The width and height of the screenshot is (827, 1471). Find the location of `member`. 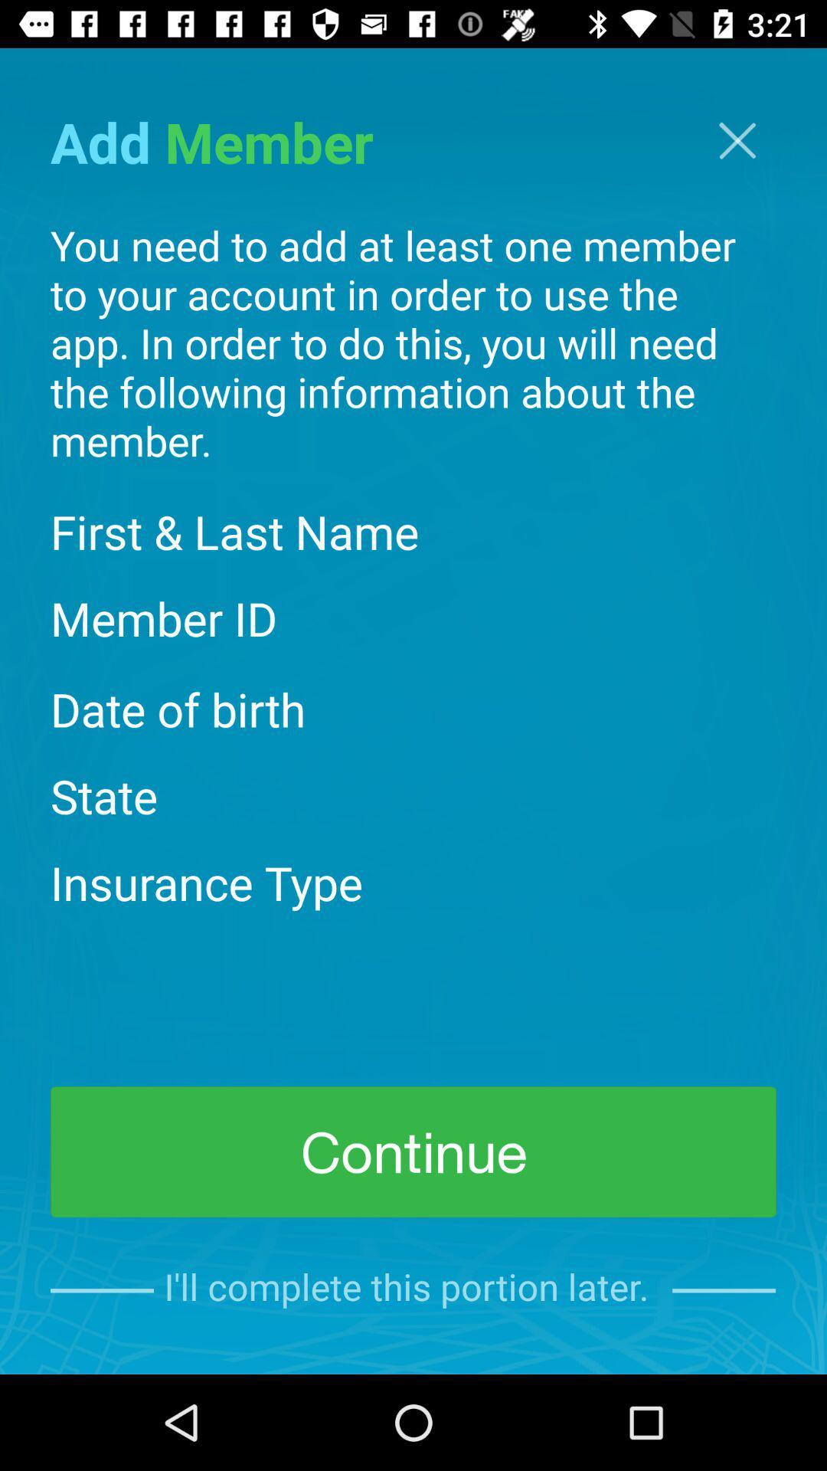

member is located at coordinates (737, 140).